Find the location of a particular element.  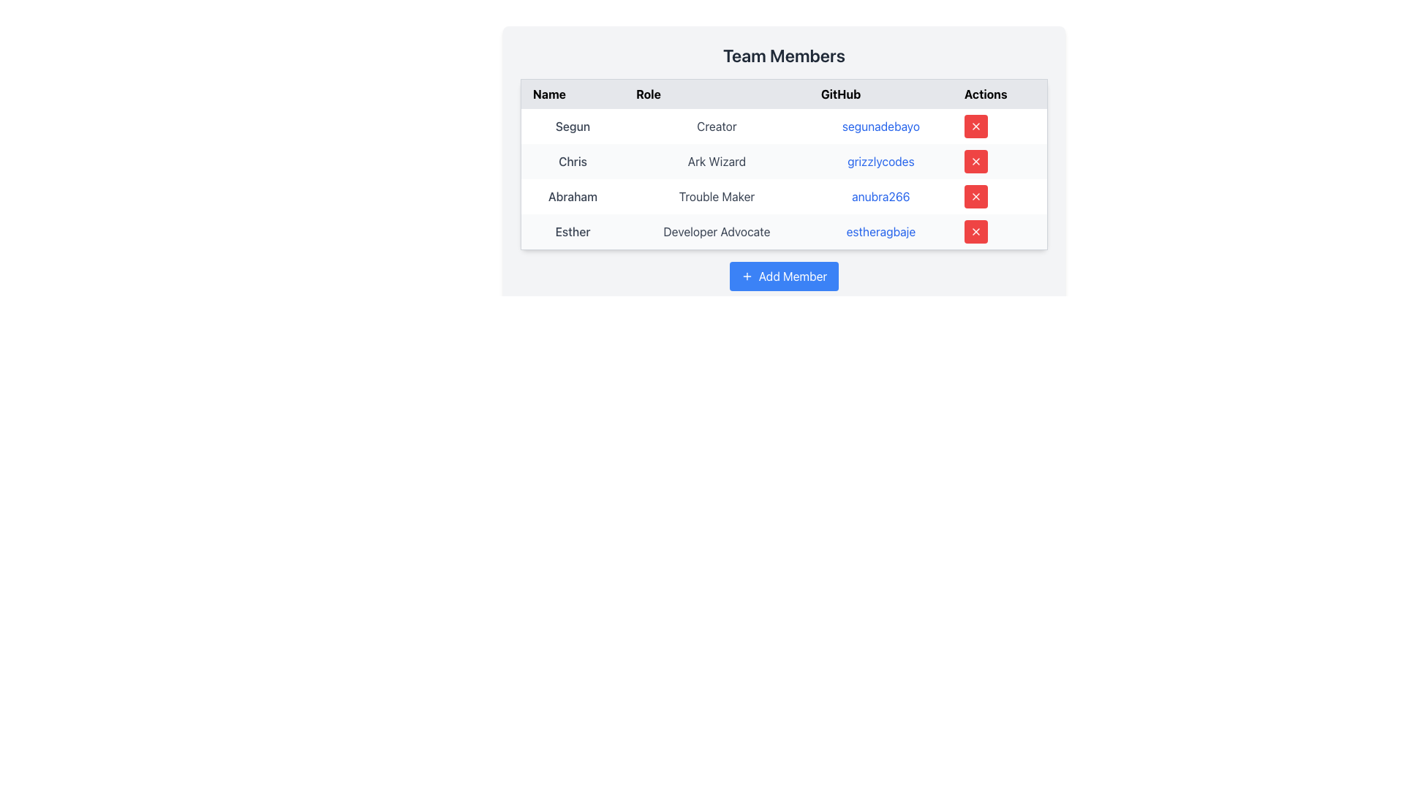

the hyperlink in the 'GitHub' column of the 'Team Members' table is located at coordinates (880, 126).